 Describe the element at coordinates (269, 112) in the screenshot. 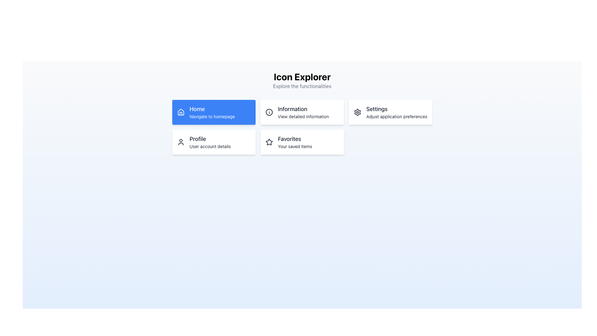

I see `the circular Decorative SVG element at the center of the 'Information' icon, located in the top row, second column` at that location.